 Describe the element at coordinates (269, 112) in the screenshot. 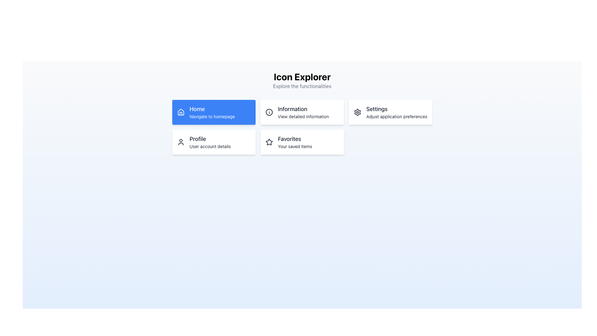

I see `the circular Decorative SVG element at the center of the 'Information' icon, located in the top row, second column` at that location.